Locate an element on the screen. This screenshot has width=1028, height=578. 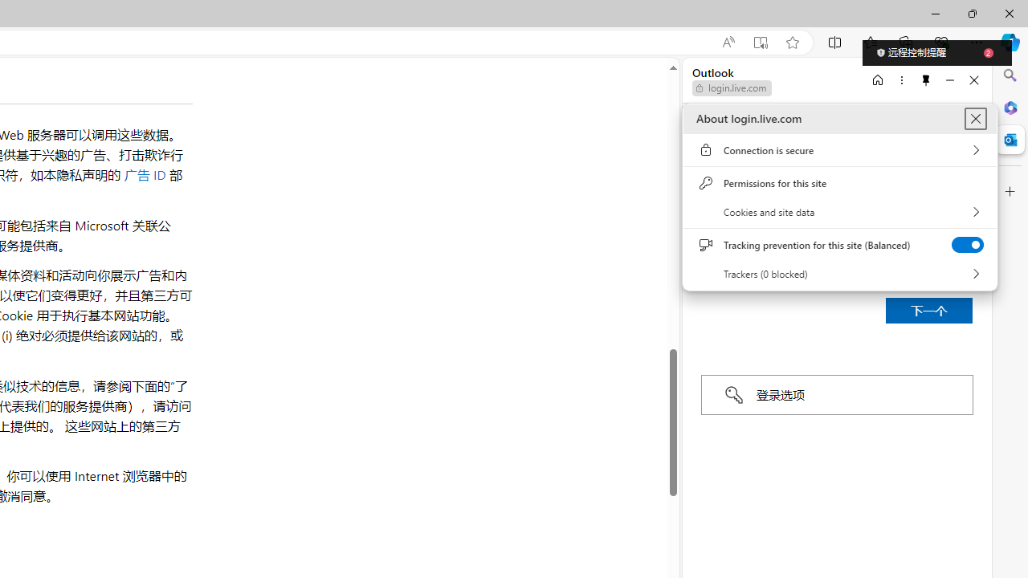
'Connection is secure' is located at coordinates (839, 150).